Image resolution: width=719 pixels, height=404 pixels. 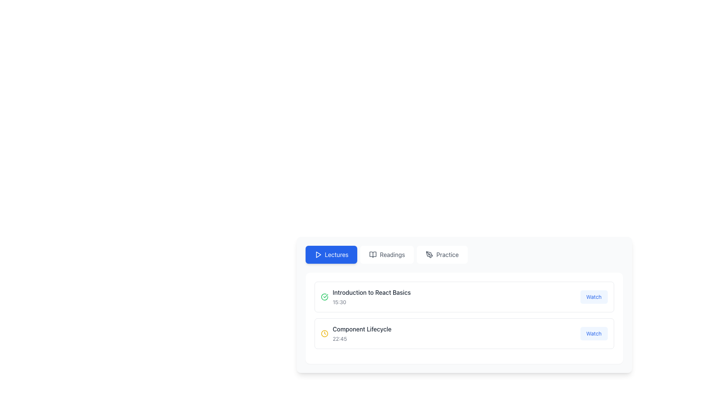 What do you see at coordinates (371, 292) in the screenshot?
I see `the Text label that serves as the title or heading for an item or topic, located at the top section of a card-like layout, above the time indicator '15:30' and alongside a green checkmark icon` at bounding box center [371, 292].